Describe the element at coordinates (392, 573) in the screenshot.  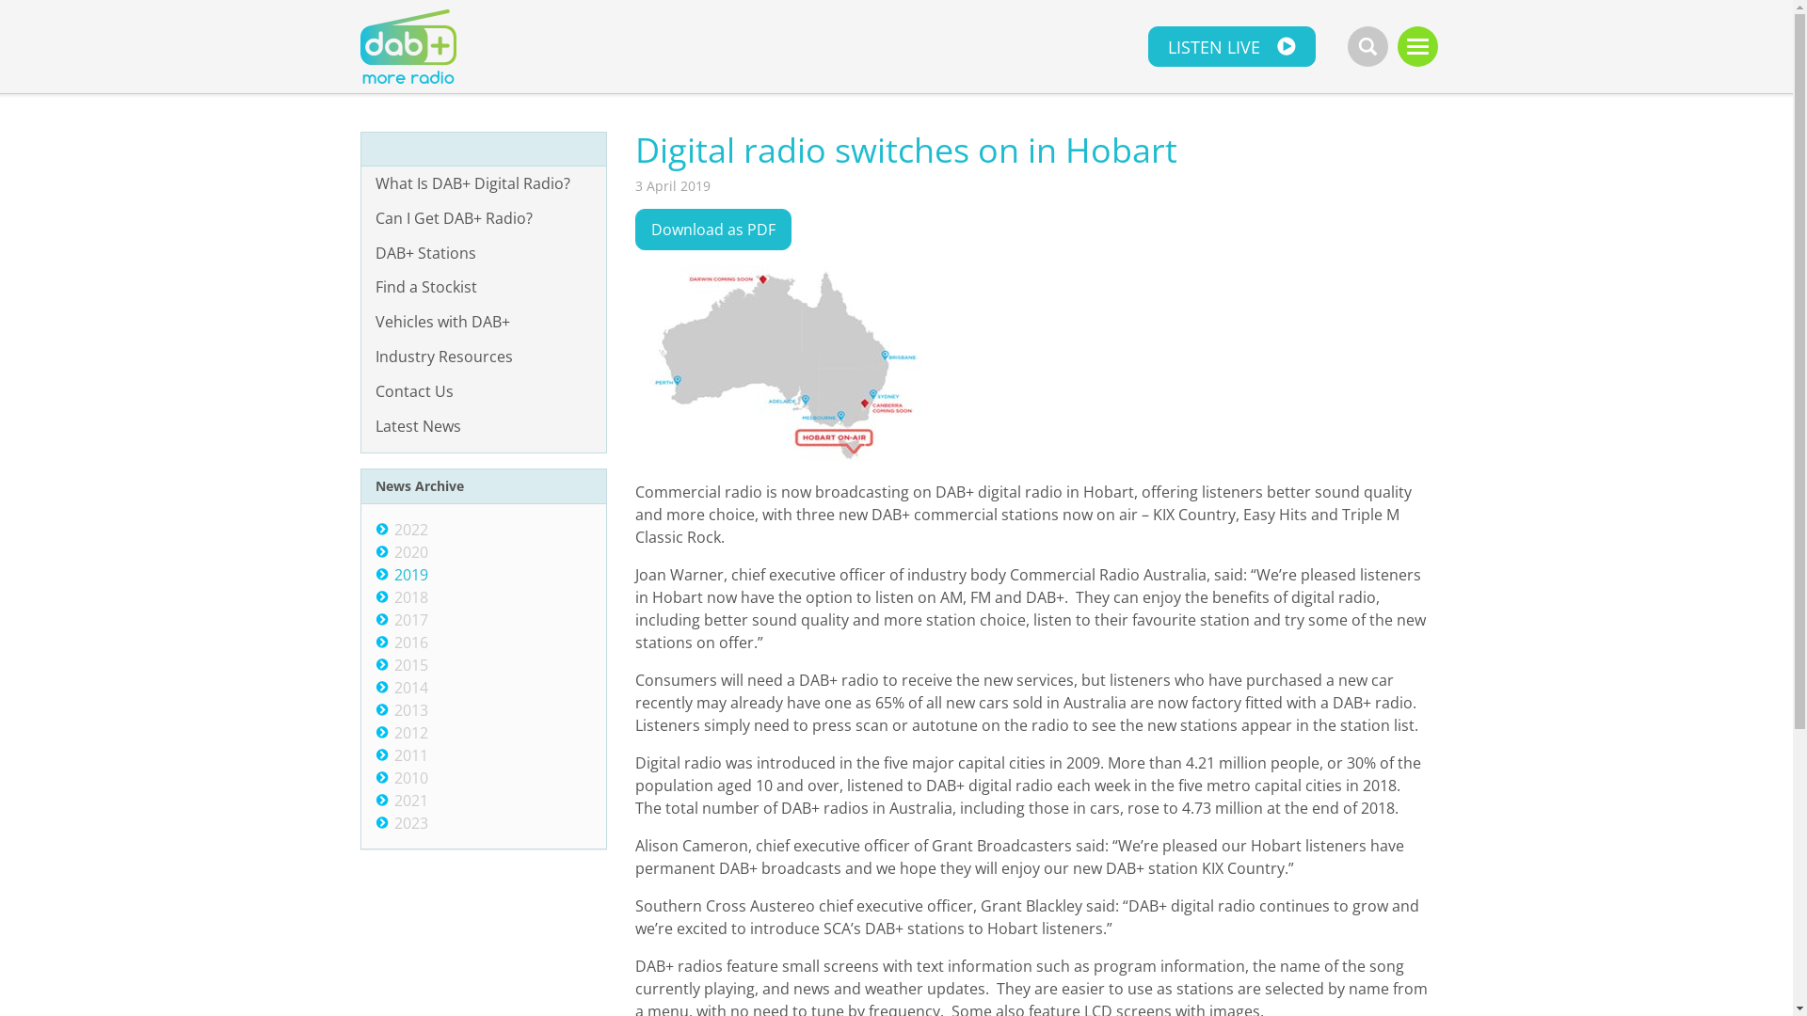
I see `'2019'` at that location.